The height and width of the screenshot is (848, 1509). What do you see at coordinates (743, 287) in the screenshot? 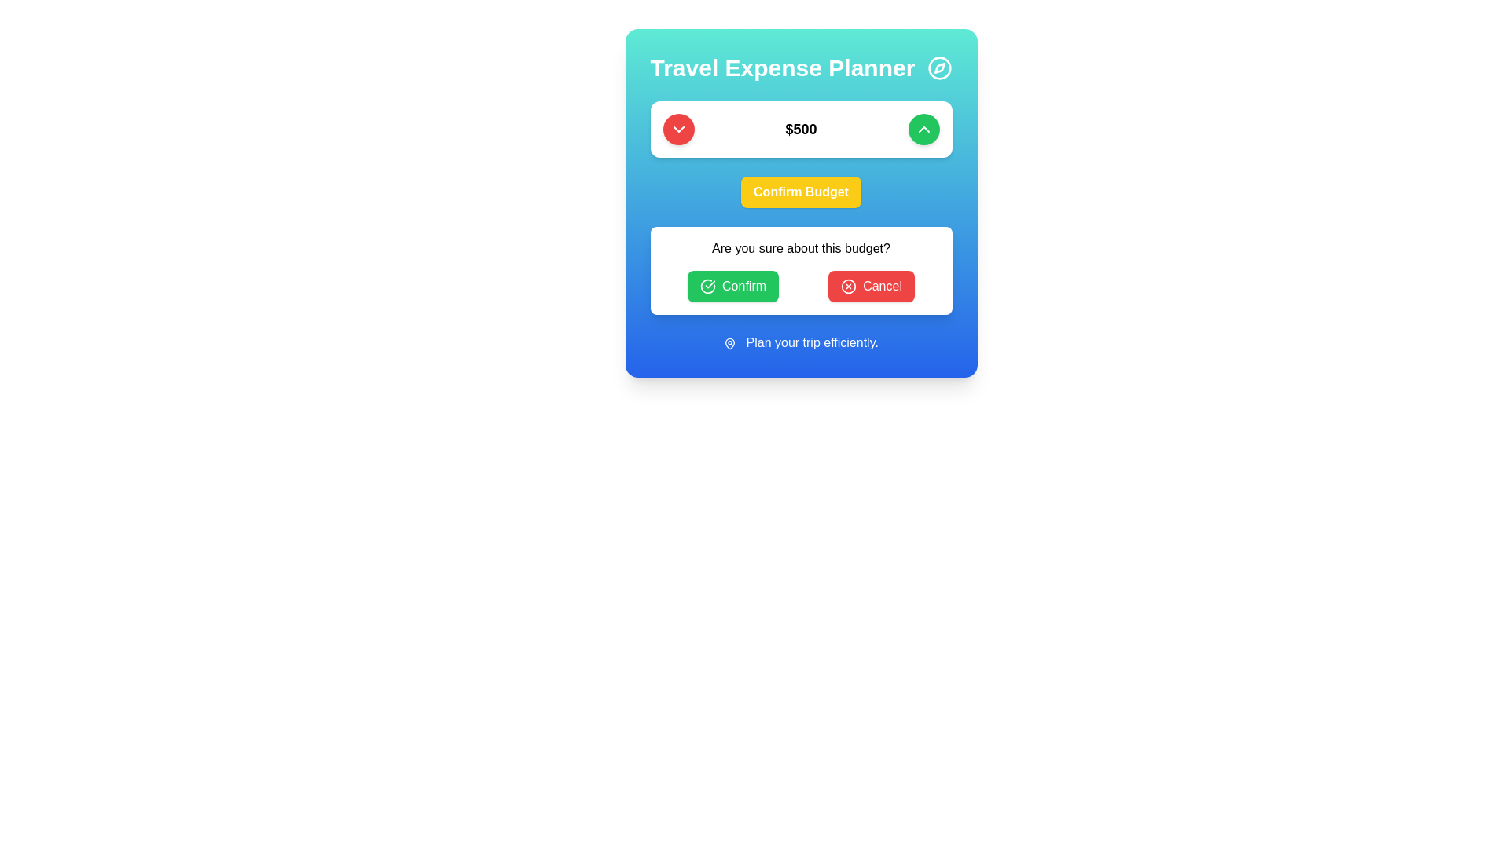
I see `the 'Confirm' text label, which is styled with white text on a green background and is centrally positioned within a green rectangular button in the confirmation area` at bounding box center [743, 287].